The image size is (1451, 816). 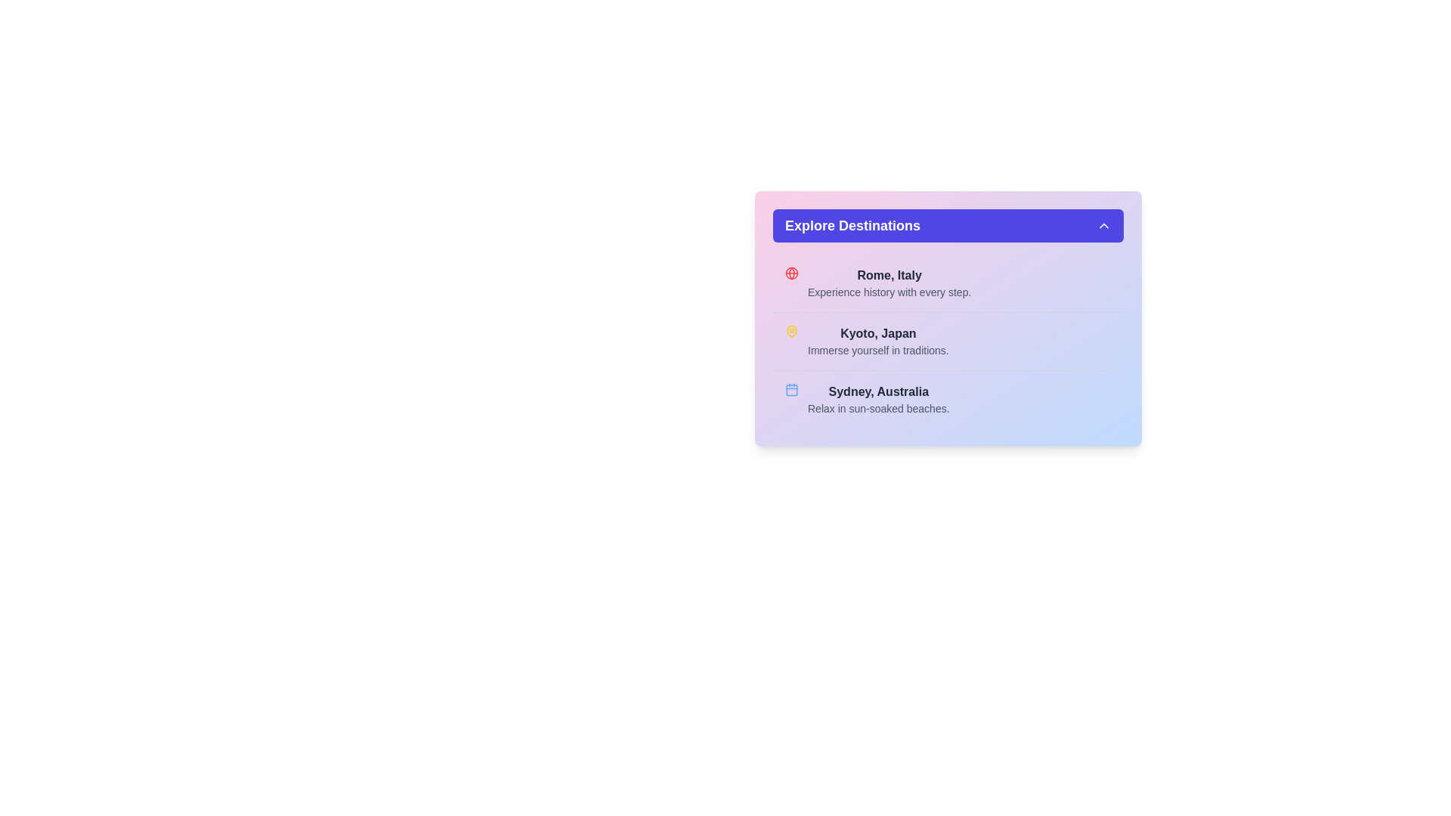 What do you see at coordinates (790, 274) in the screenshot?
I see `globe icon represented by a circular SVG element, which is centered at the coordinates provided` at bounding box center [790, 274].